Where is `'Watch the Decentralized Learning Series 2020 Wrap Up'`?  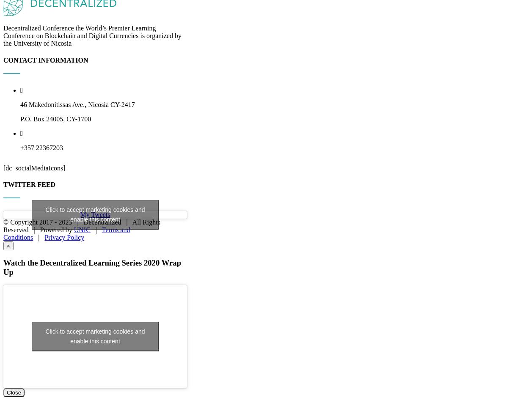 'Watch the Decentralized Learning Series 2020 Wrap Up' is located at coordinates (92, 352).